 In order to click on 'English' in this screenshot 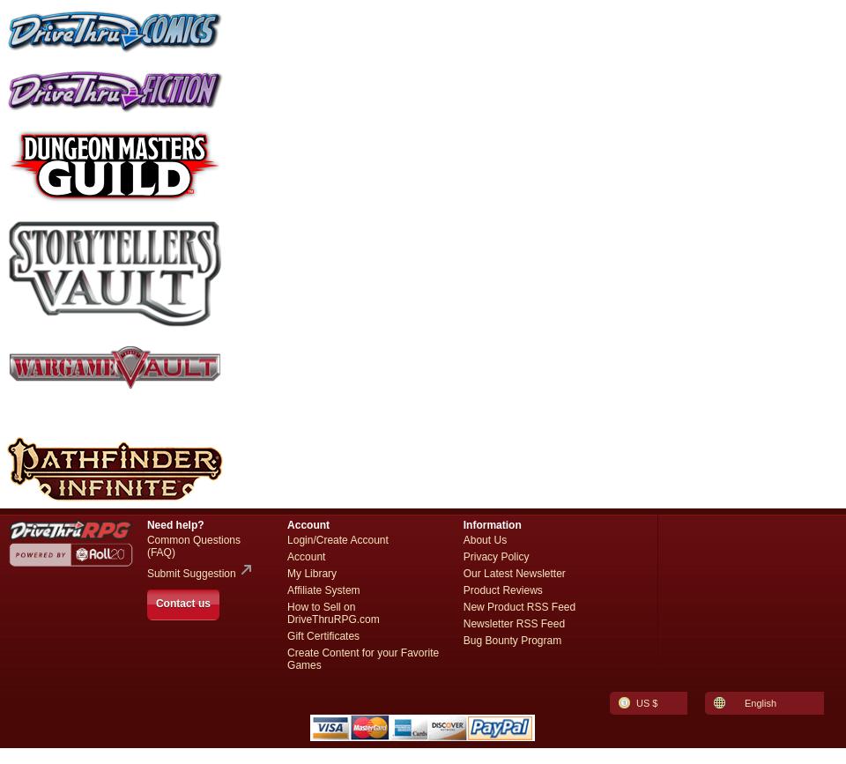, I will do `click(760, 701)`.